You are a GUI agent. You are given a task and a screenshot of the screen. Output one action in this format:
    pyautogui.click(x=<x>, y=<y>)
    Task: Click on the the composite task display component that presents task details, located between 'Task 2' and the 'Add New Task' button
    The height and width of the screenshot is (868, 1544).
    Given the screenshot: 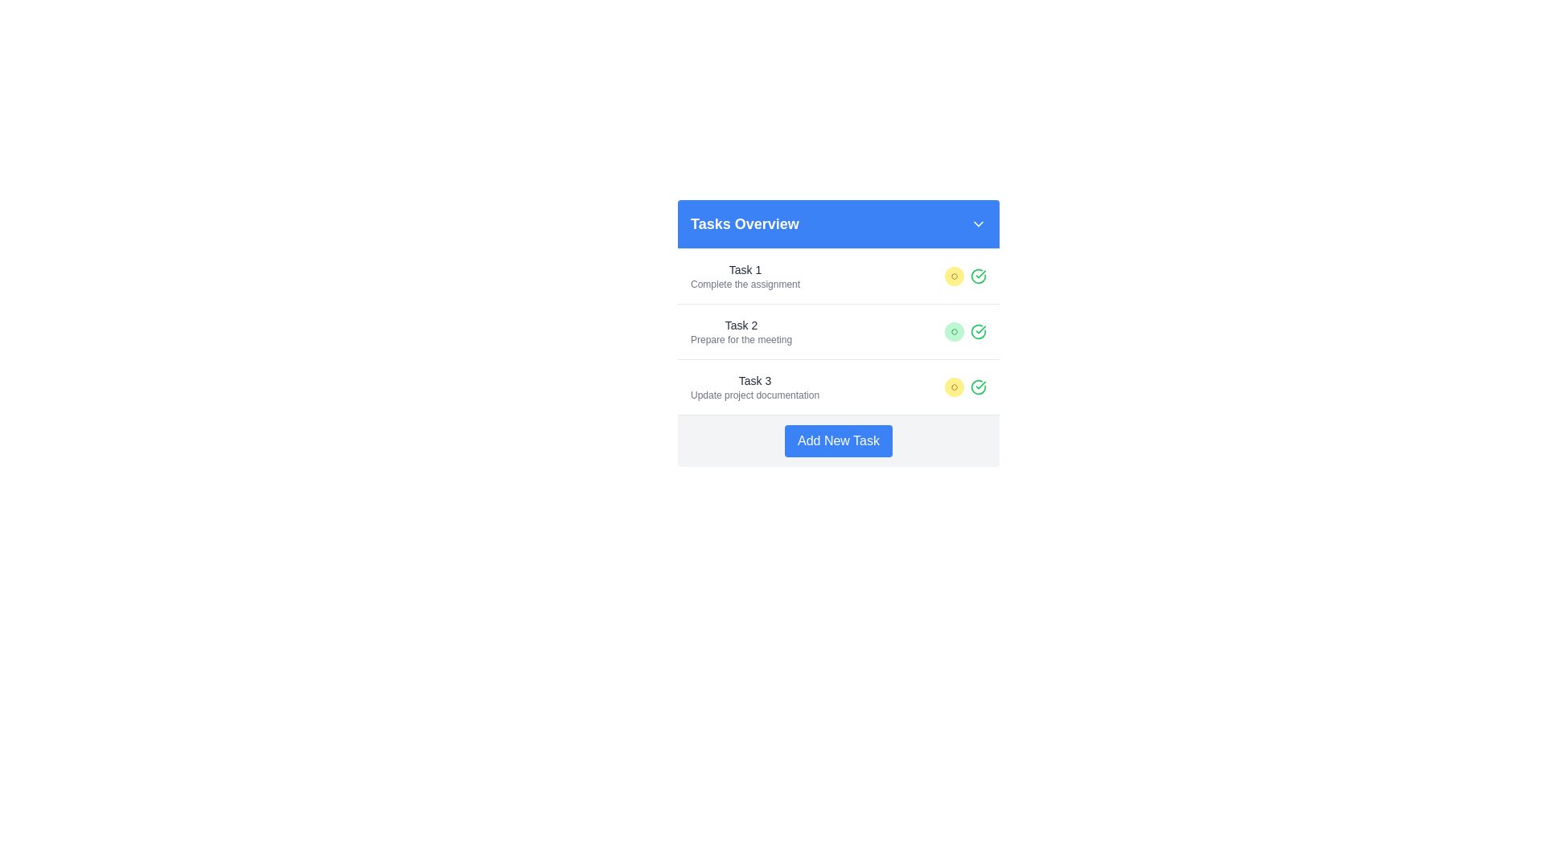 What is the action you would take?
    pyautogui.click(x=837, y=387)
    